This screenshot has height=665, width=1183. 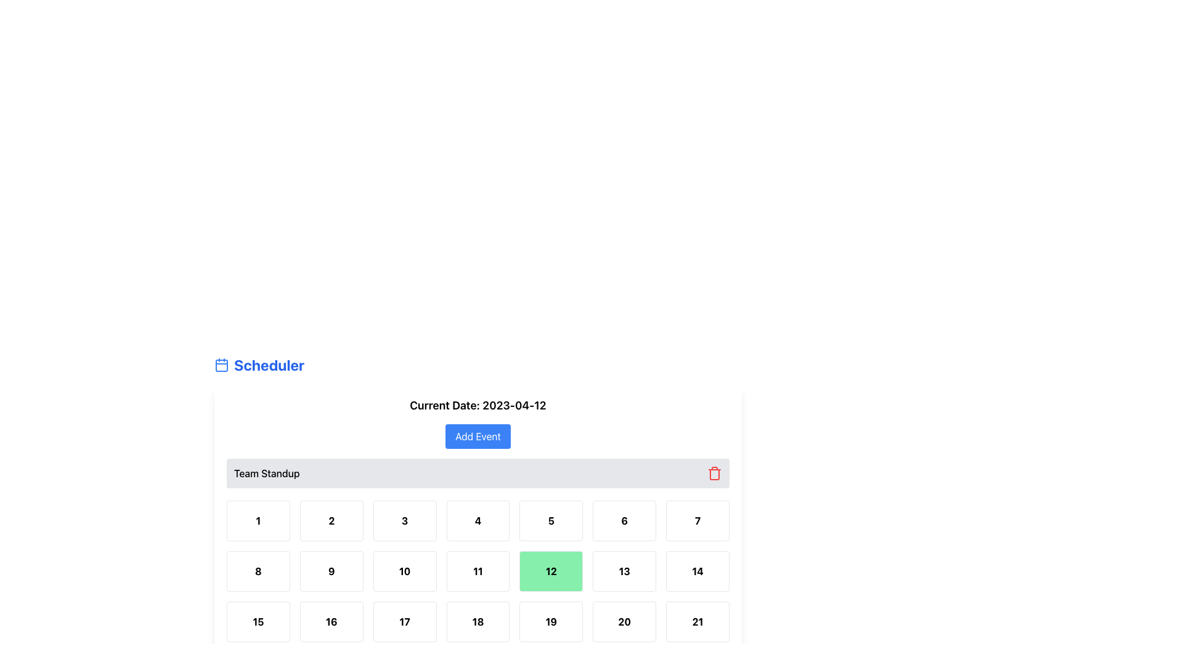 I want to click on the grid item button located in the third row, second column of the 'Team Standup' section, so click(x=331, y=622).